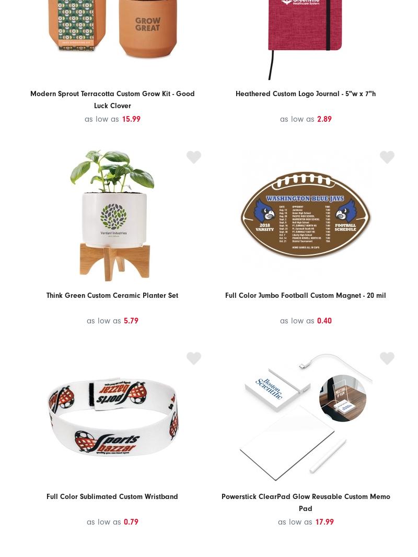 The height and width of the screenshot is (557, 418). I want to click on 'Powerstick ClearPad Glow Reusable Custom Memo Pad', so click(305, 502).